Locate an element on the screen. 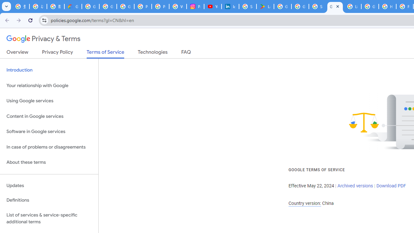 This screenshot has width=414, height=233. 'About these terms' is located at coordinates (49, 162).